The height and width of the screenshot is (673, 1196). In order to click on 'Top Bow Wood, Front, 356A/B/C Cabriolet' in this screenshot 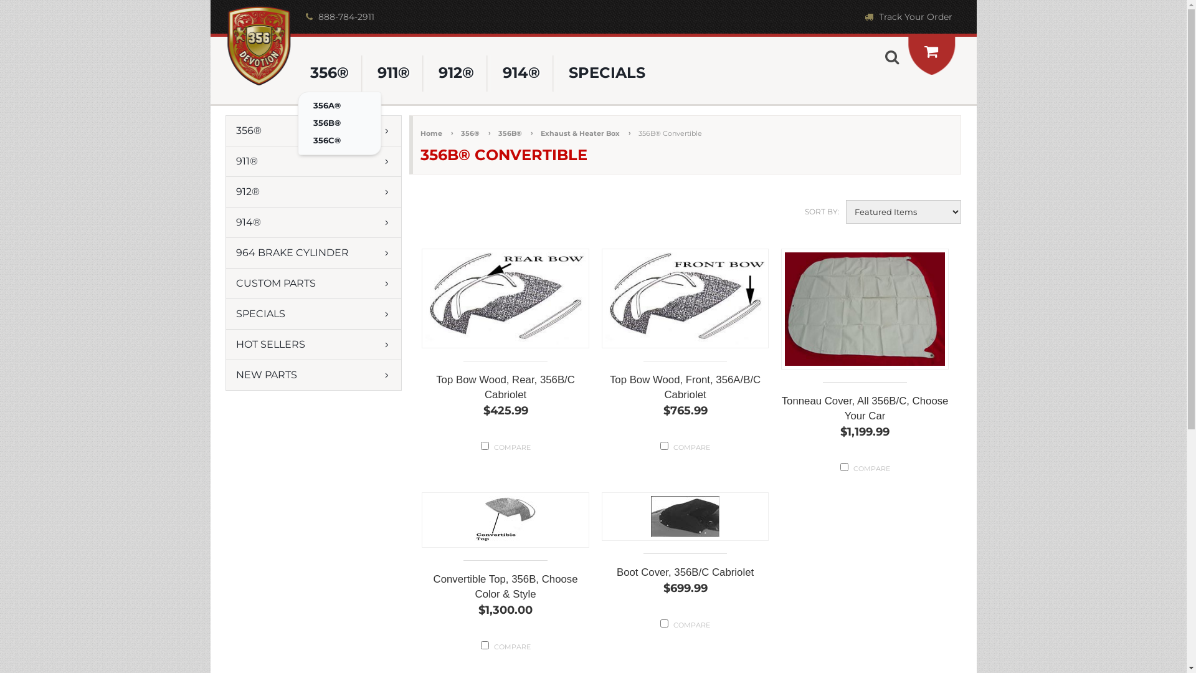, I will do `click(685, 381)`.